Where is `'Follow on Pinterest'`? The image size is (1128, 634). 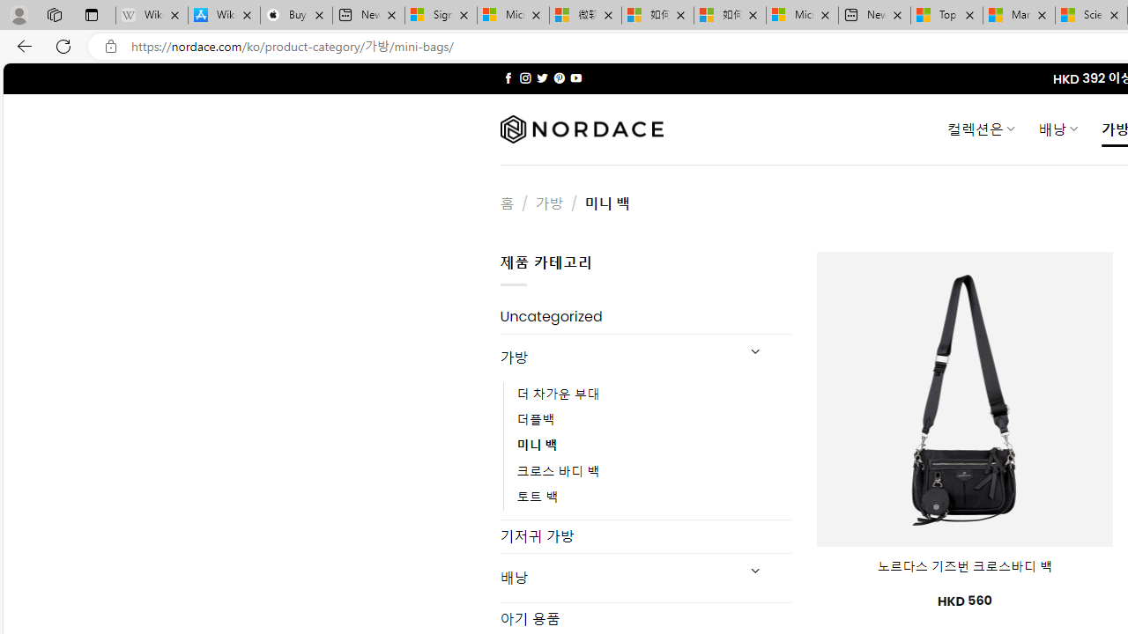
'Follow on Pinterest' is located at coordinates (558, 77).